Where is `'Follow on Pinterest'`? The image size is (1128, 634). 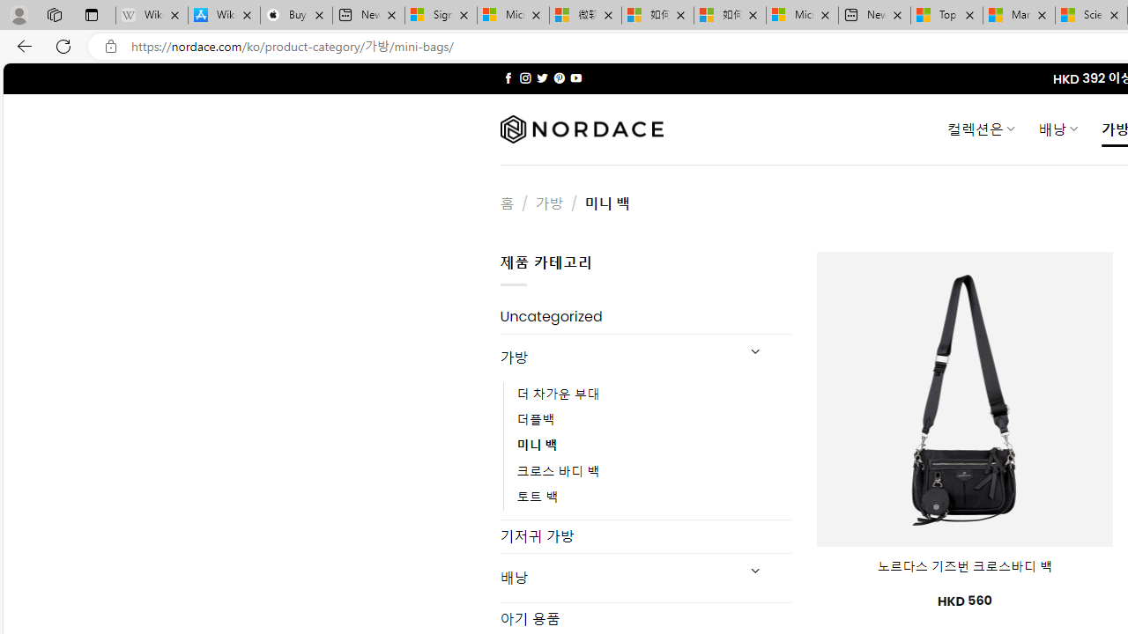
'Follow on Pinterest' is located at coordinates (558, 77).